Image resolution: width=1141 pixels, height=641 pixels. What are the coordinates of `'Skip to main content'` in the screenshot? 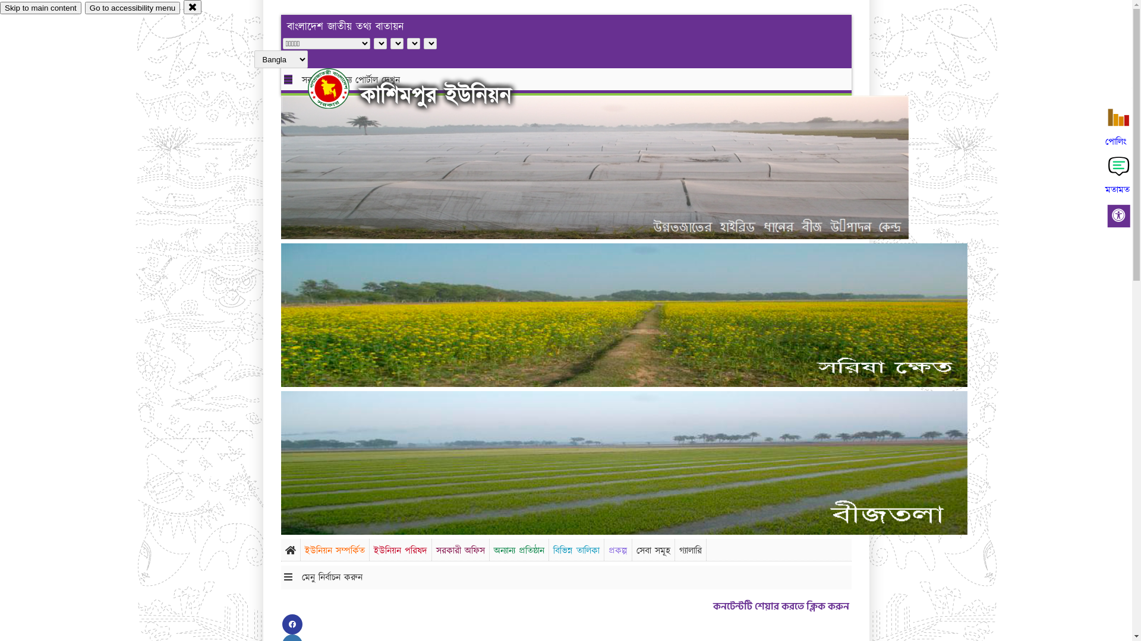 It's located at (40, 8).